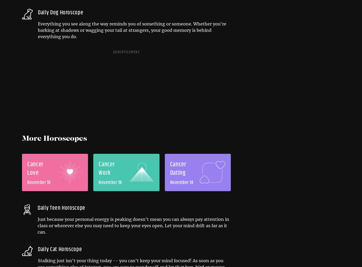 The width and height of the screenshot is (362, 267). What do you see at coordinates (54, 139) in the screenshot?
I see `'More Horoscopes'` at bounding box center [54, 139].